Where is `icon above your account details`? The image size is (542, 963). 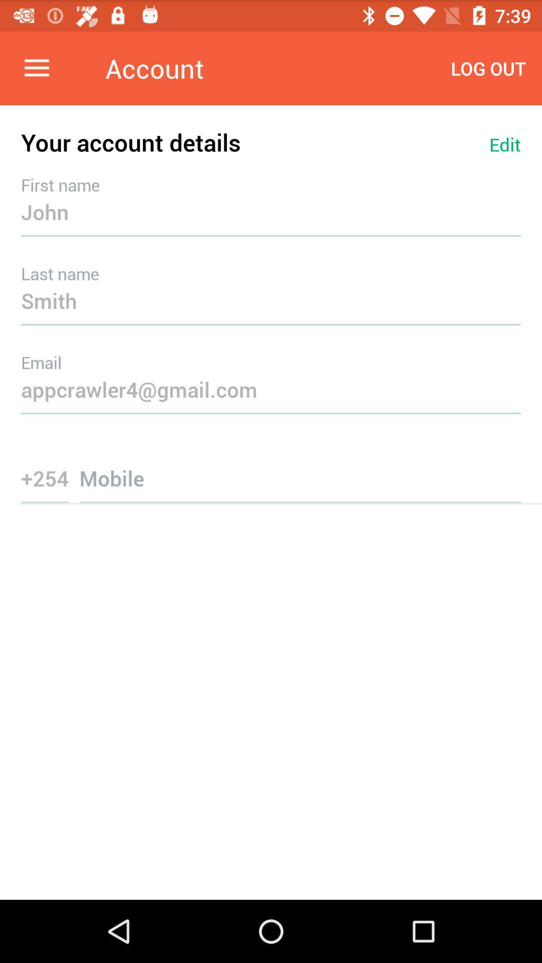
icon above your account details is located at coordinates (36, 68).